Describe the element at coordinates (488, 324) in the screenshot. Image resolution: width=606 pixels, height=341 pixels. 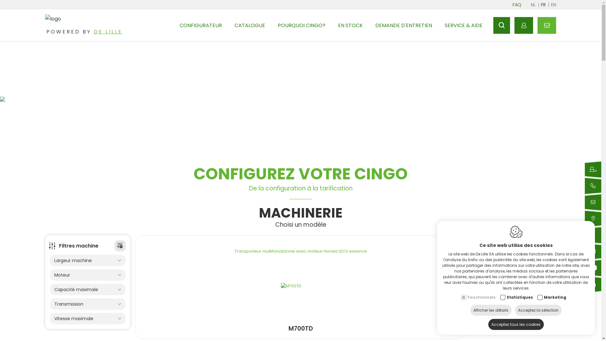
I see `'Acceptez tous les cookies'` at that location.